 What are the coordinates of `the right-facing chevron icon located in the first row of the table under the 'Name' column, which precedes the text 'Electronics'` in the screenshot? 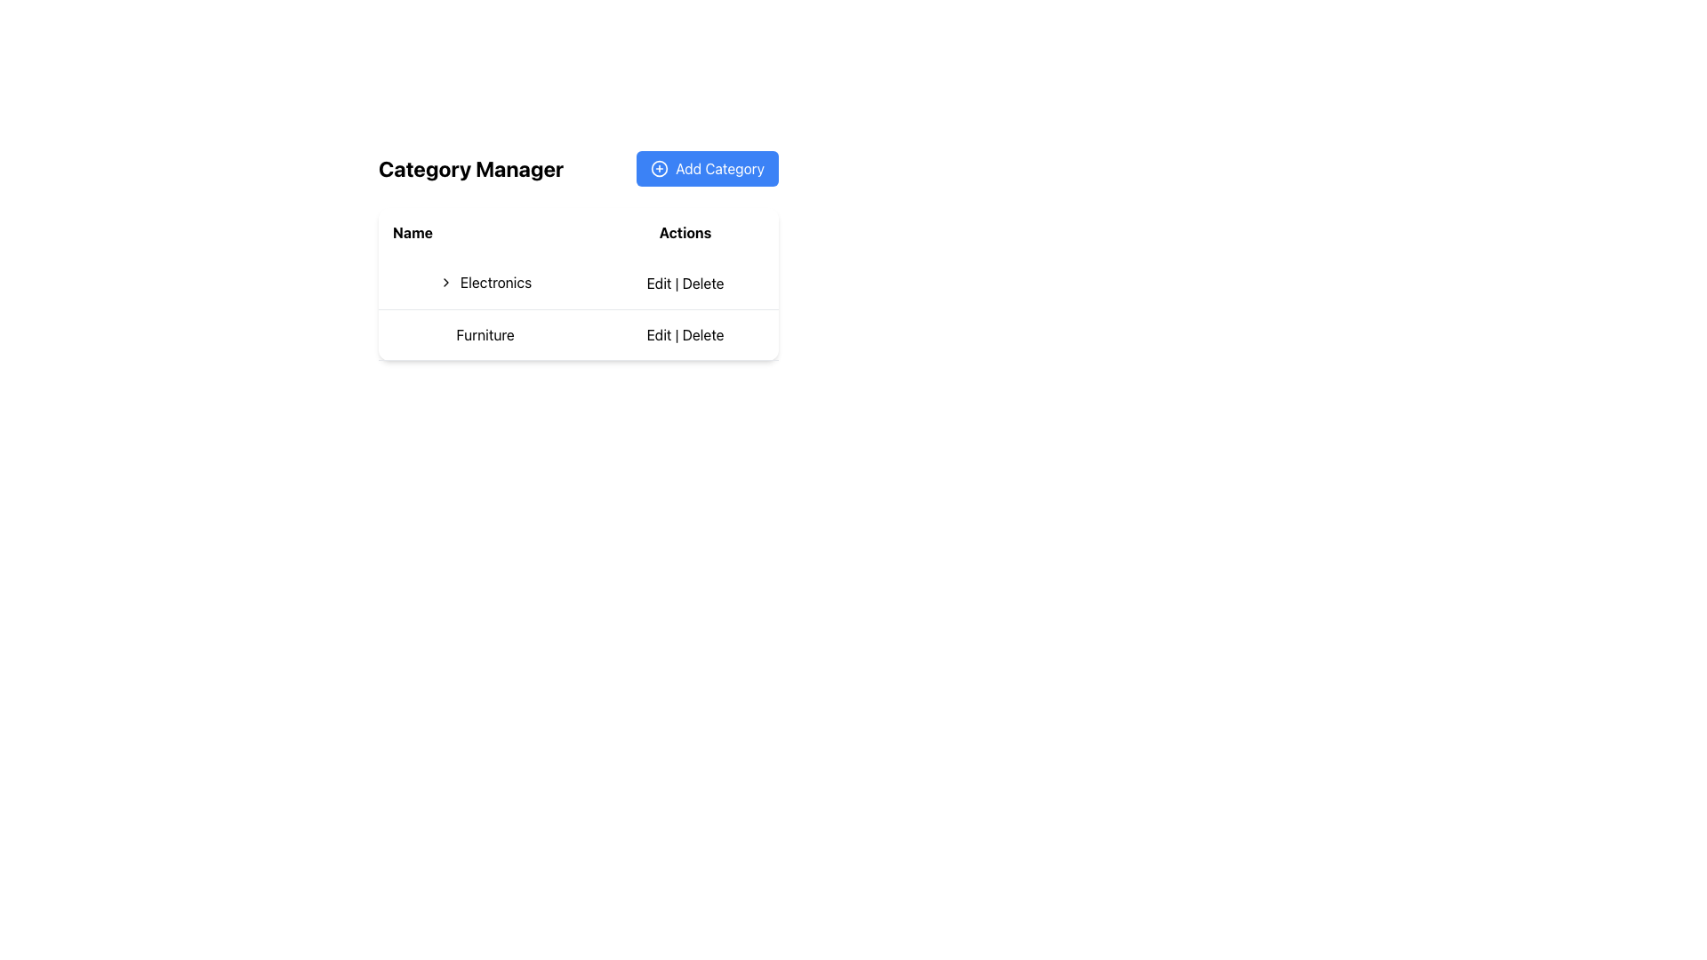 It's located at (445, 281).